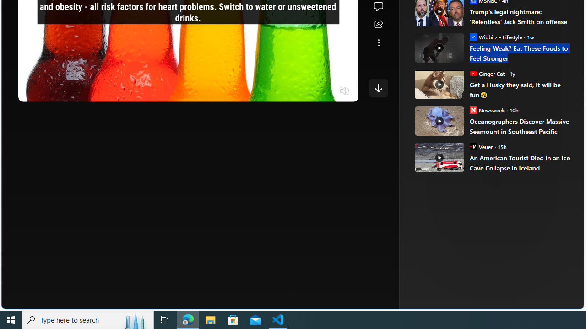  What do you see at coordinates (520, 53) in the screenshot?
I see `'Feeling Weak? Eat These Foods to Feel Stronger'` at bounding box center [520, 53].